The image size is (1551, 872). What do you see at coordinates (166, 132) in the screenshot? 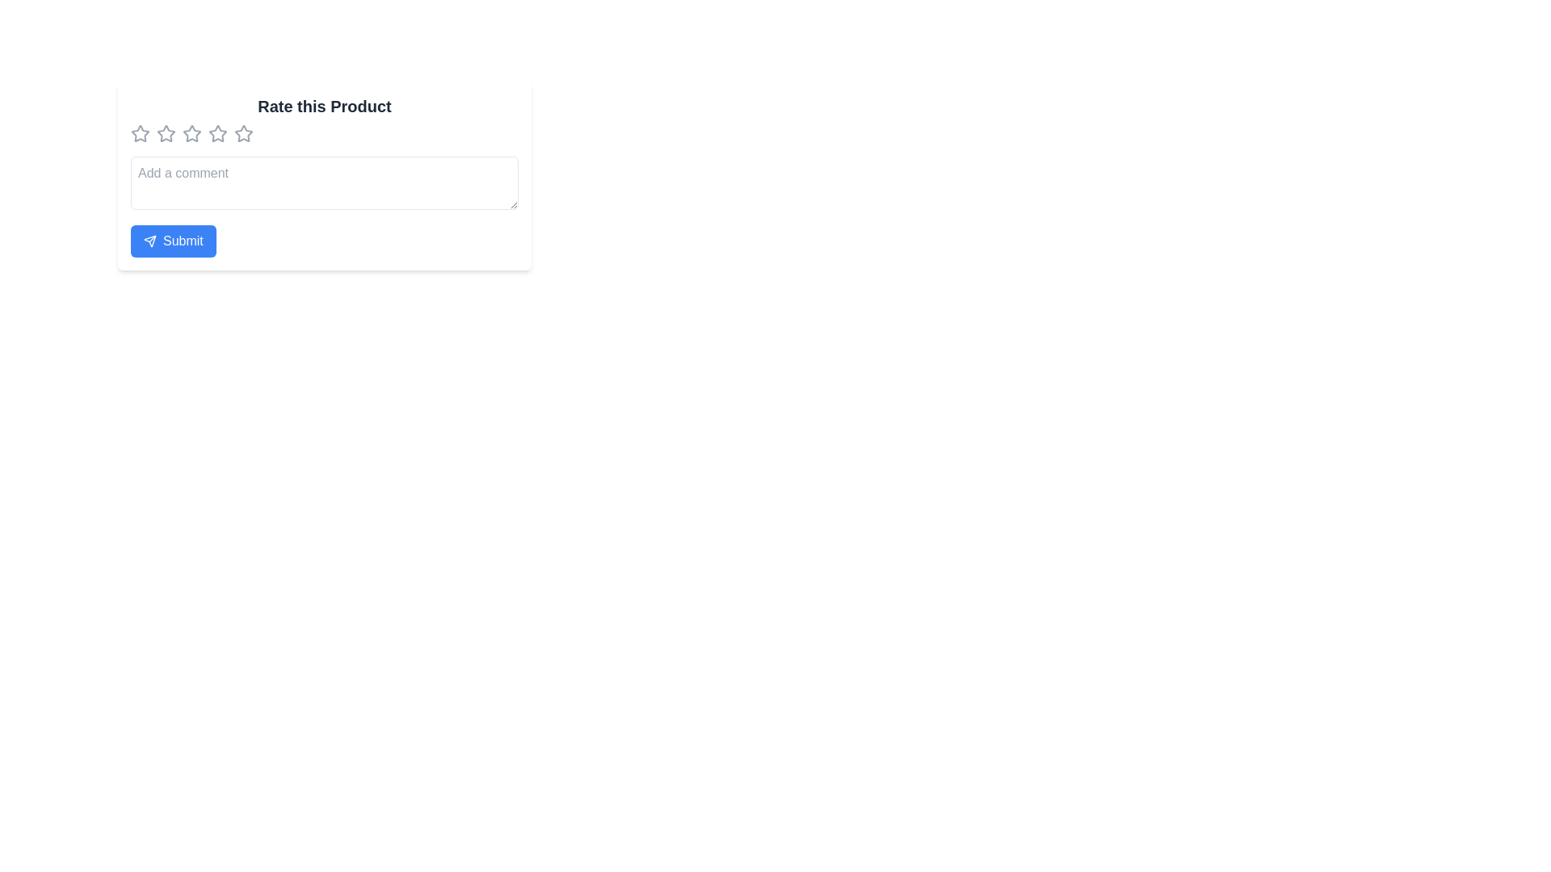
I see `the second star from the left in the rating component of the 'Rate this Product' dialog` at bounding box center [166, 132].